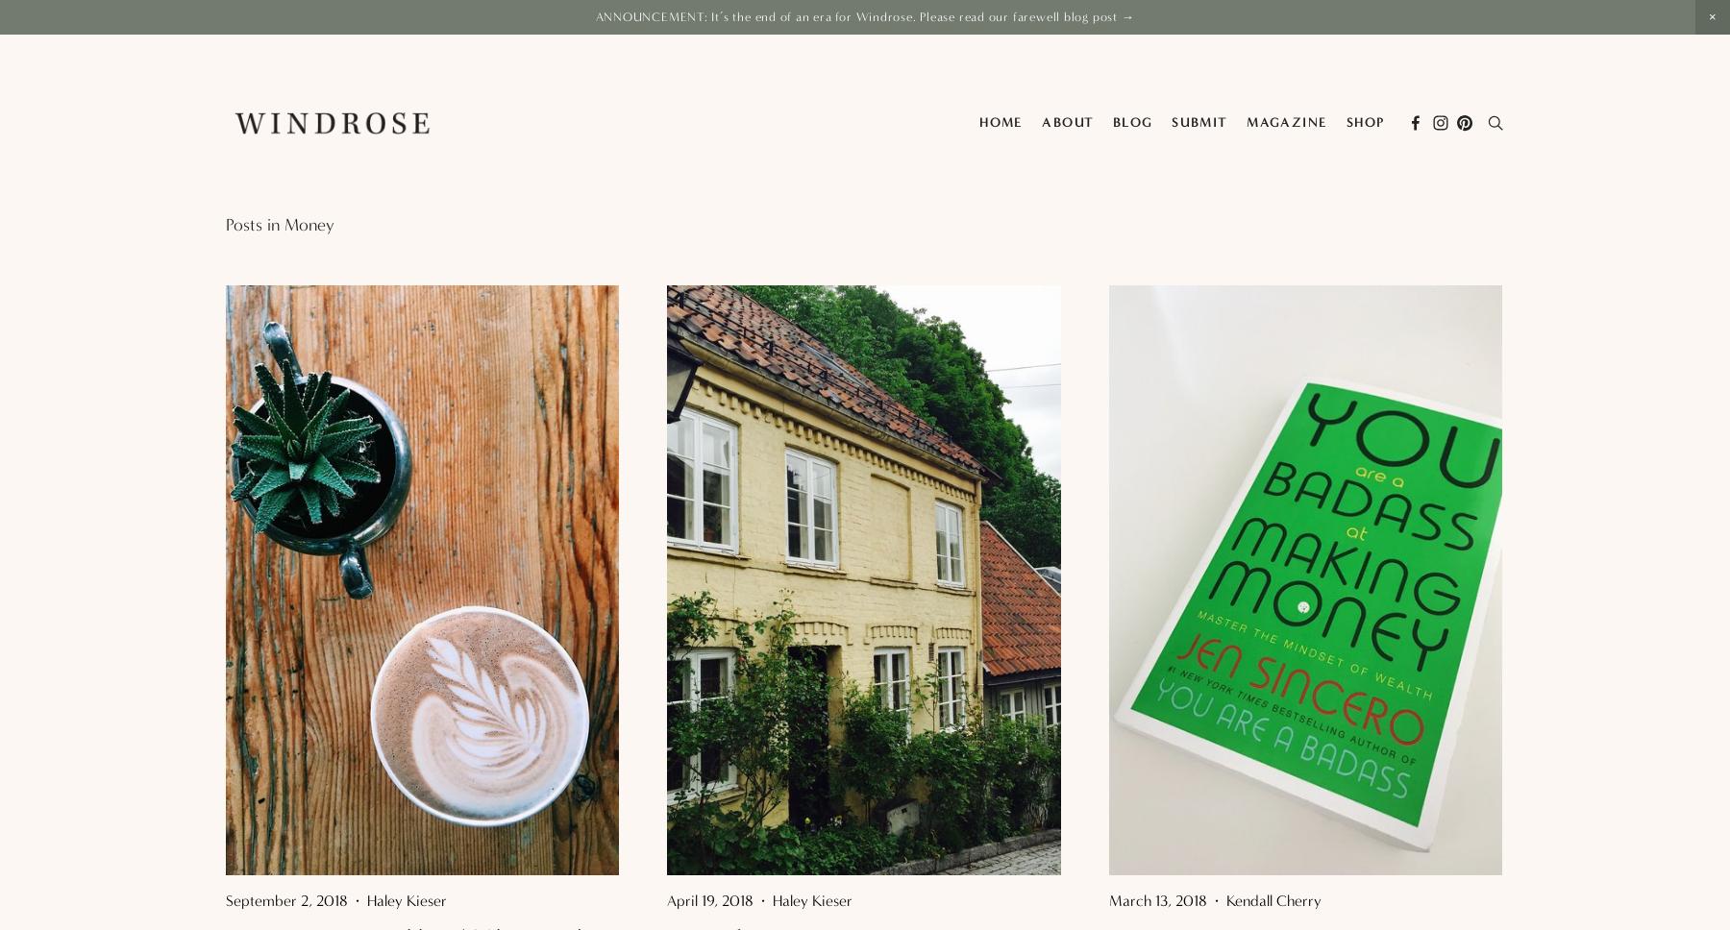  I want to click on 'September 2, 2018', so click(285, 898).